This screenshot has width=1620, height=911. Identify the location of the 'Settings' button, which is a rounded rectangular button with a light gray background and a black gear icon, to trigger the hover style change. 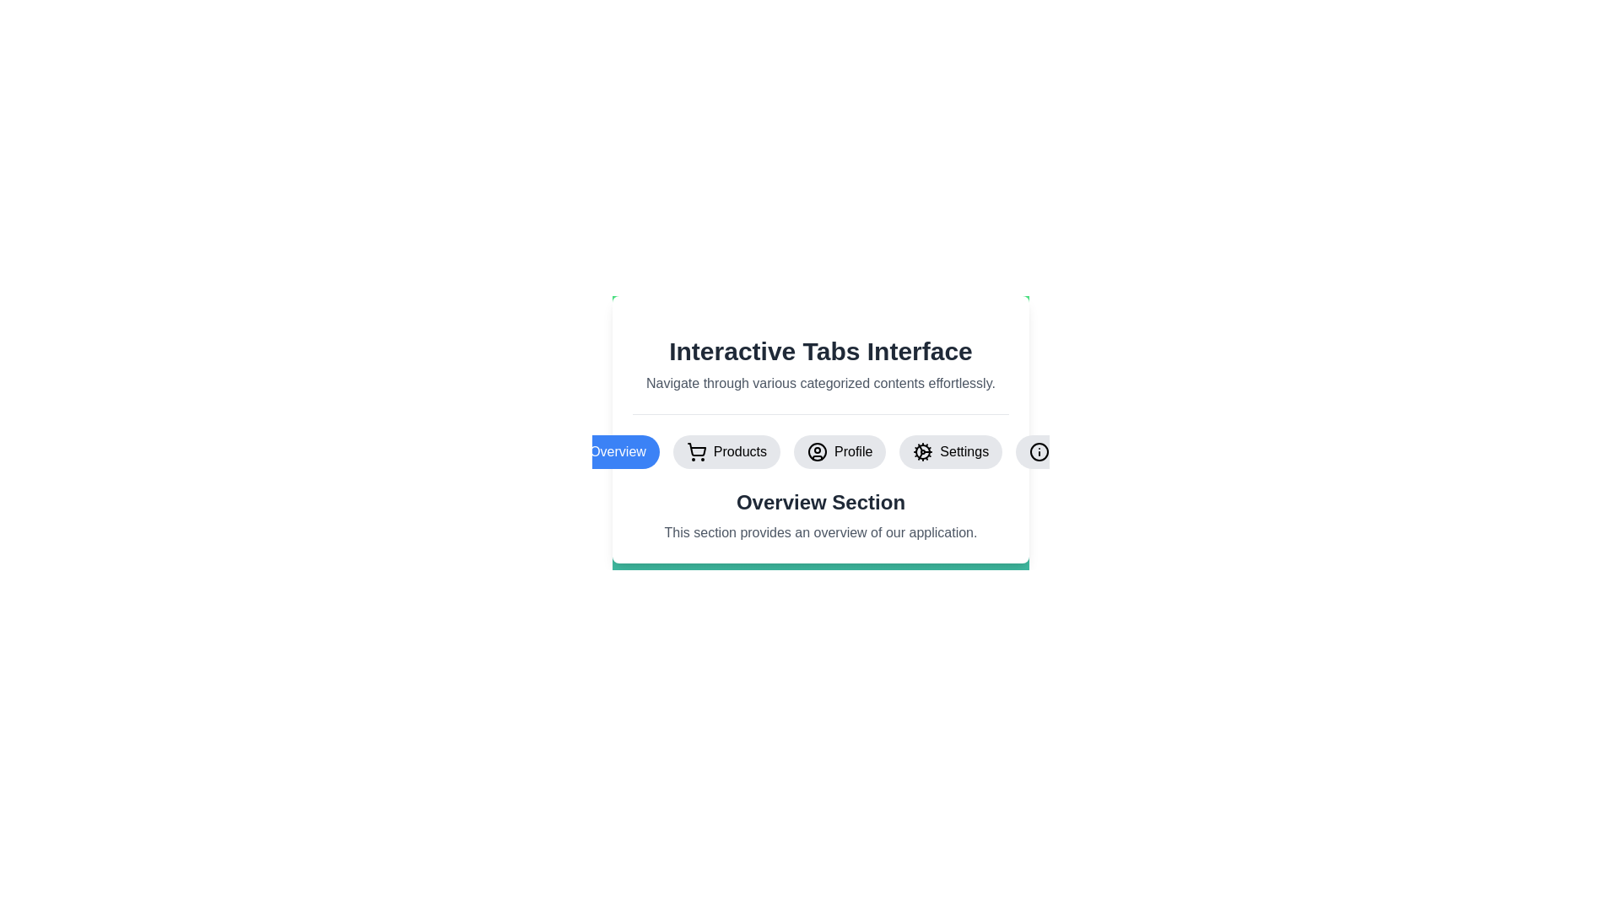
(951, 451).